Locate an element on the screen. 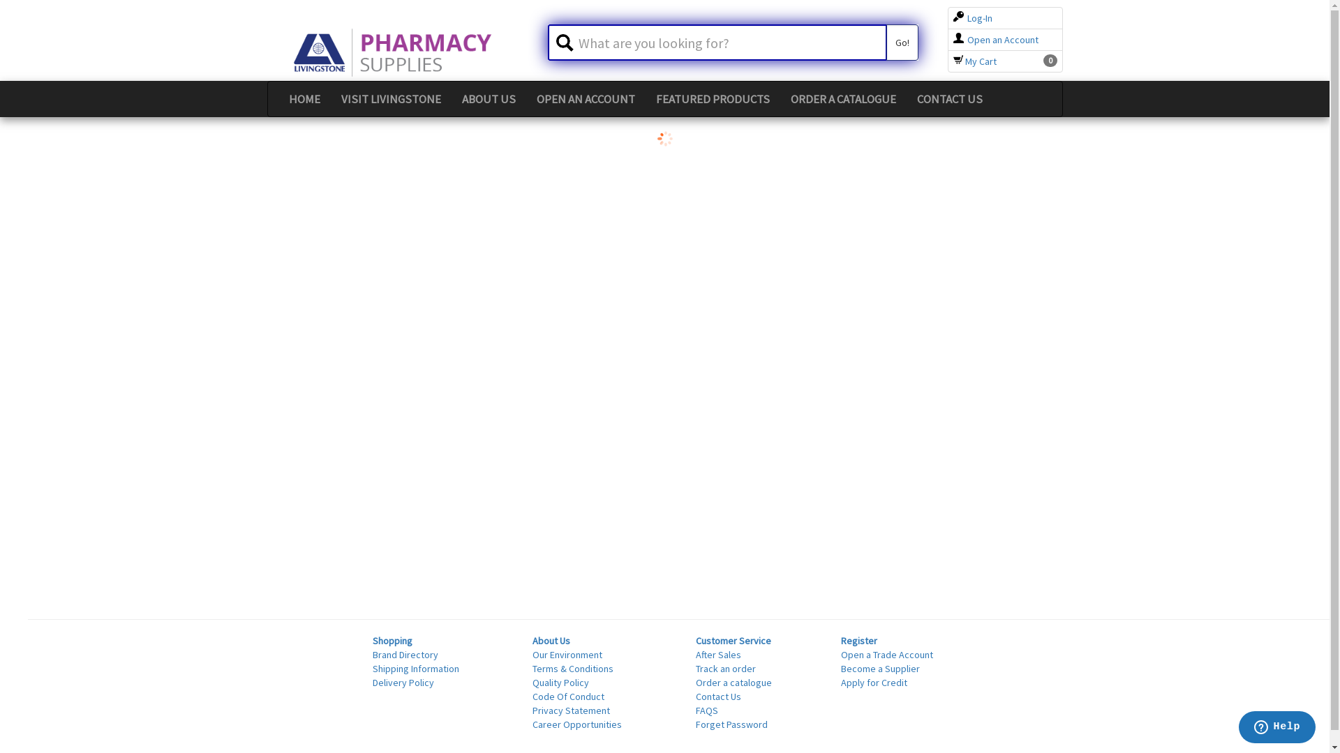 The height and width of the screenshot is (753, 1340). 'Order a catalogue' is located at coordinates (733, 682).